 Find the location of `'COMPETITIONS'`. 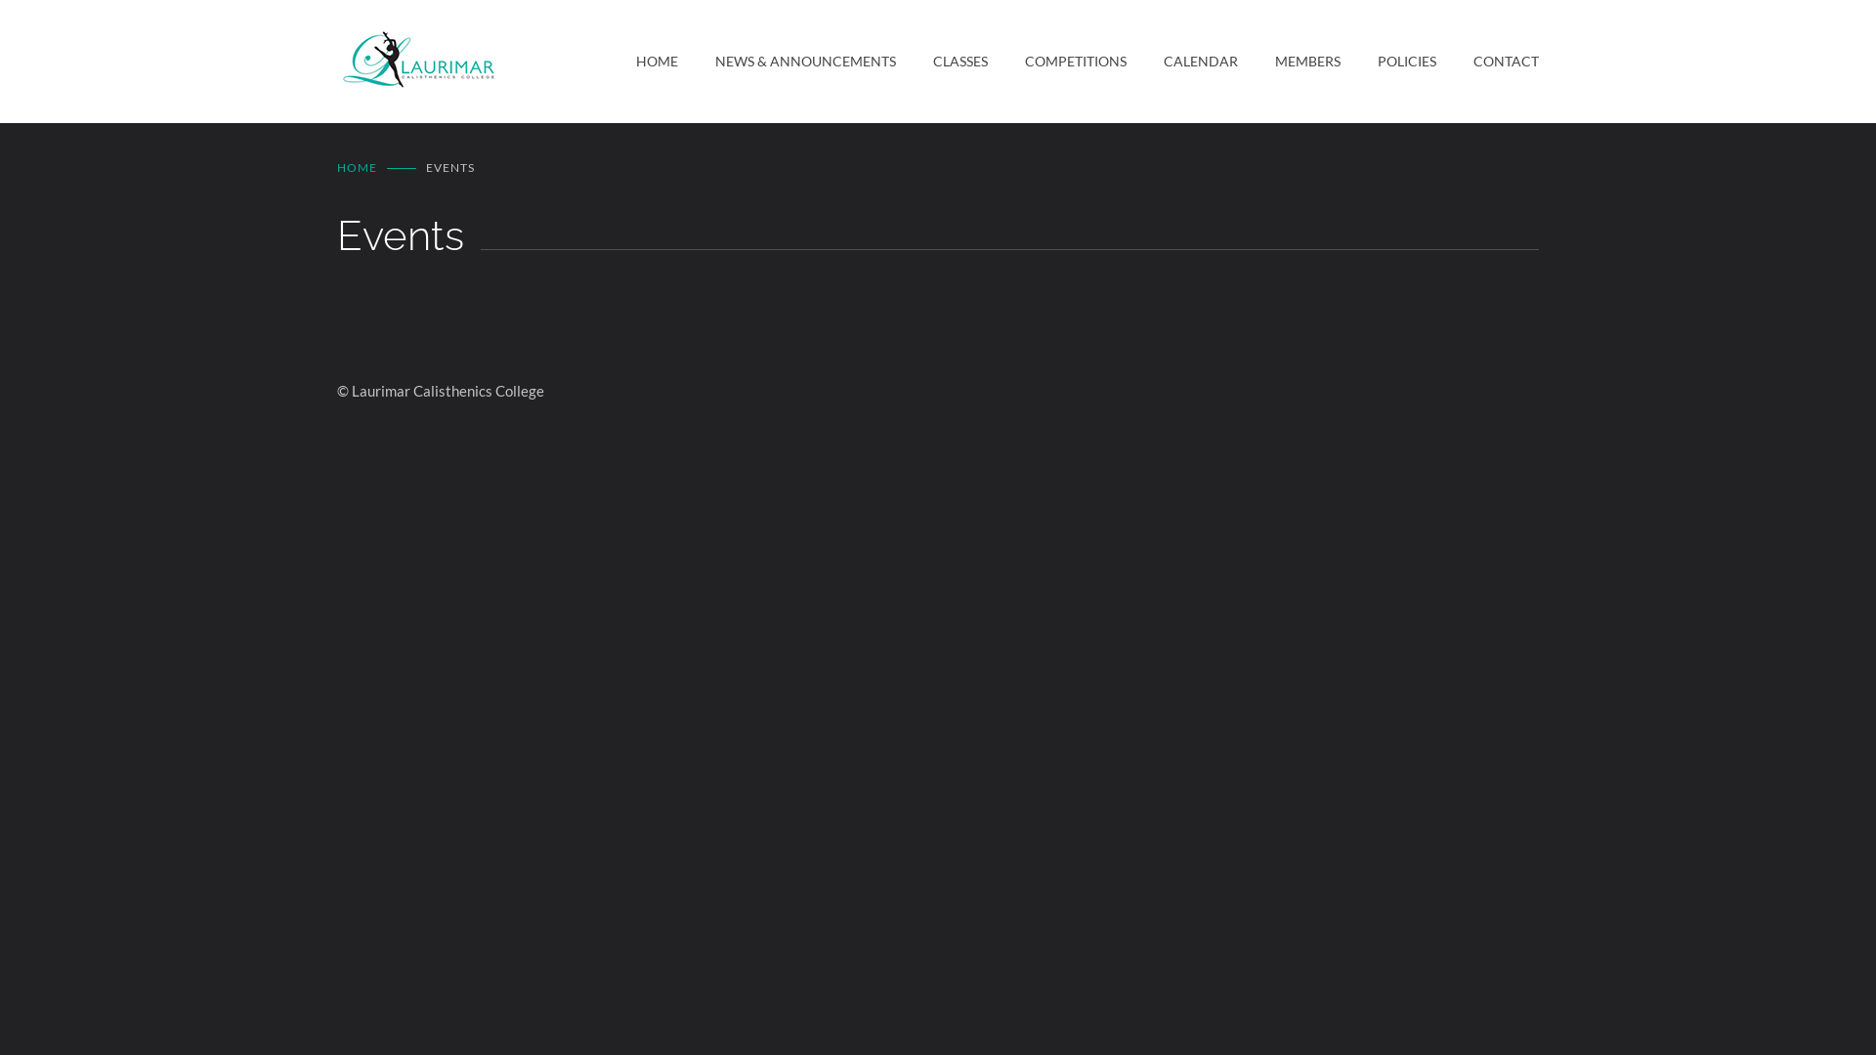

'COMPETITIONS' is located at coordinates (1055, 60).